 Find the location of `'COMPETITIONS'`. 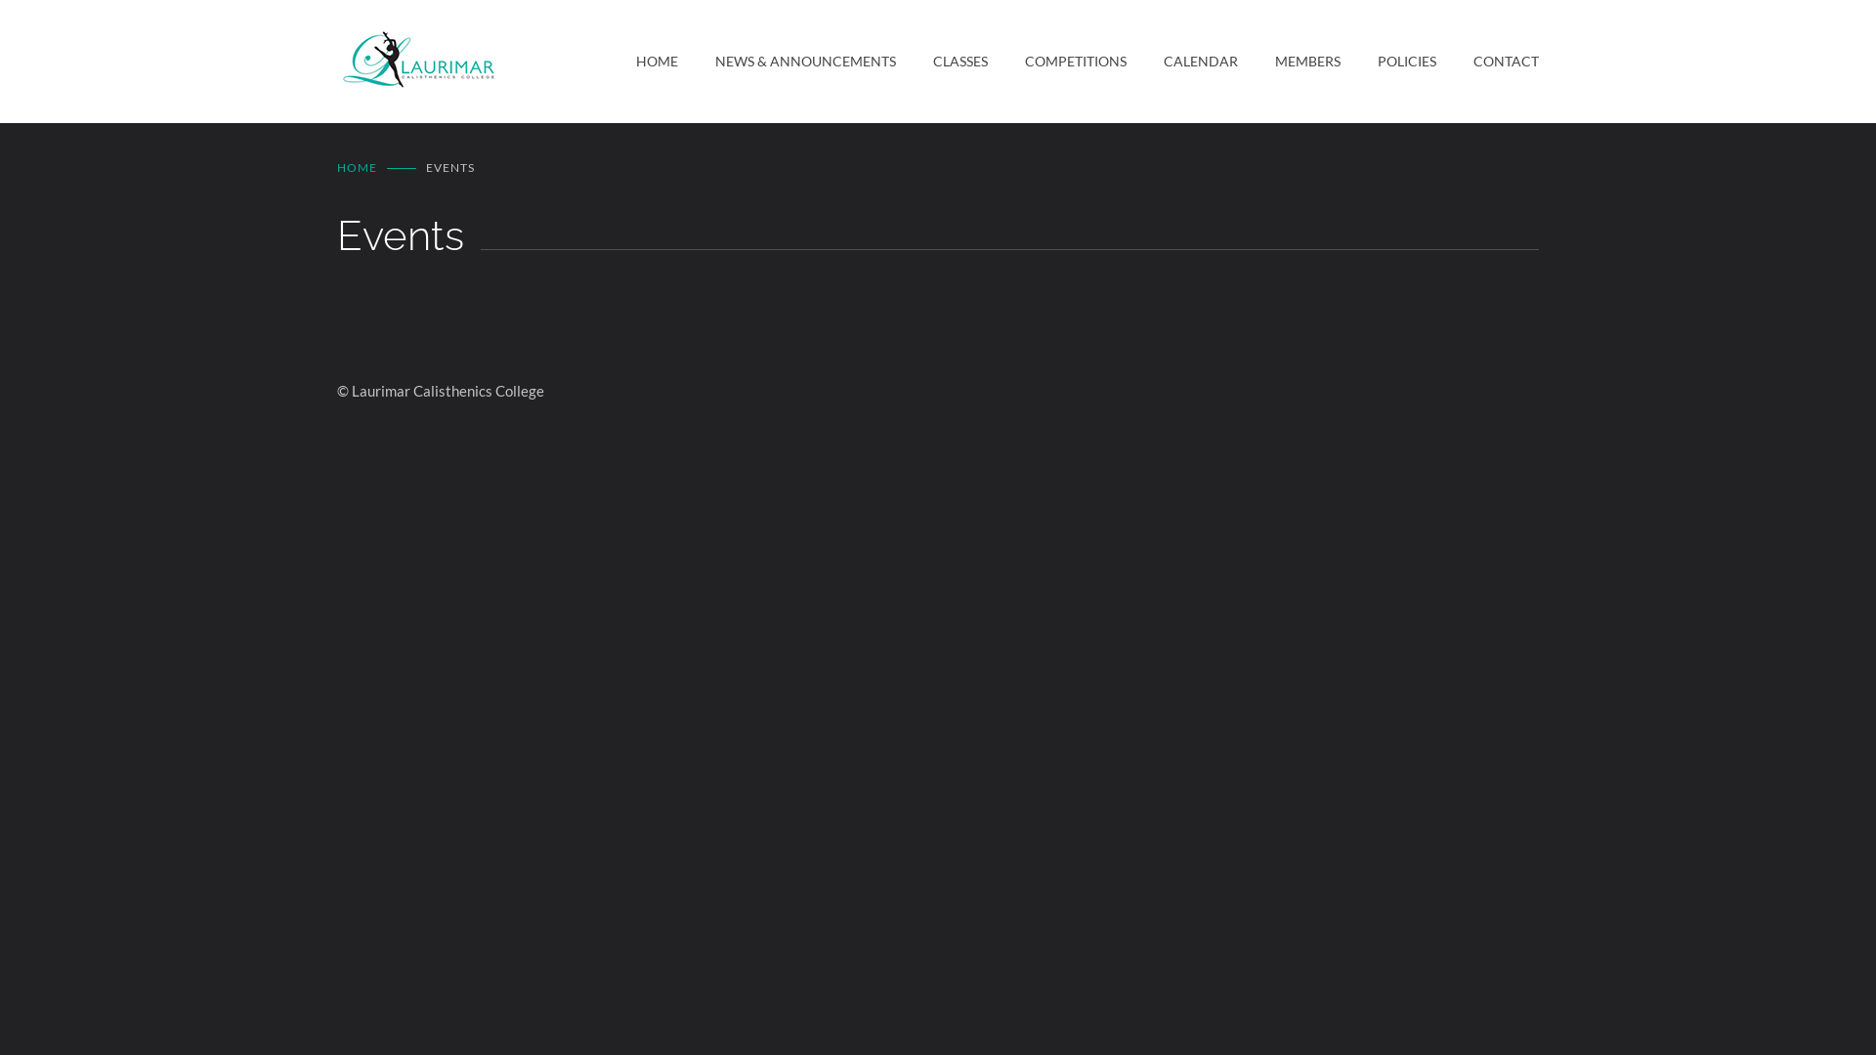

'COMPETITIONS' is located at coordinates (1055, 60).